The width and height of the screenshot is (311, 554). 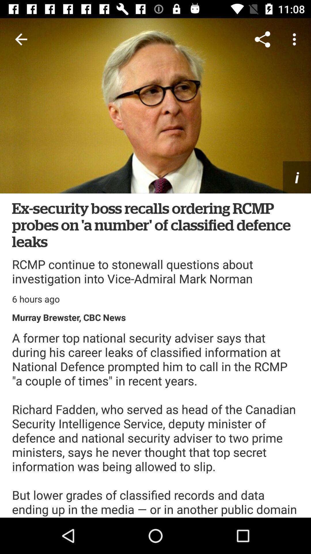 I want to click on the icon above rcmp continue to item, so click(x=155, y=224).